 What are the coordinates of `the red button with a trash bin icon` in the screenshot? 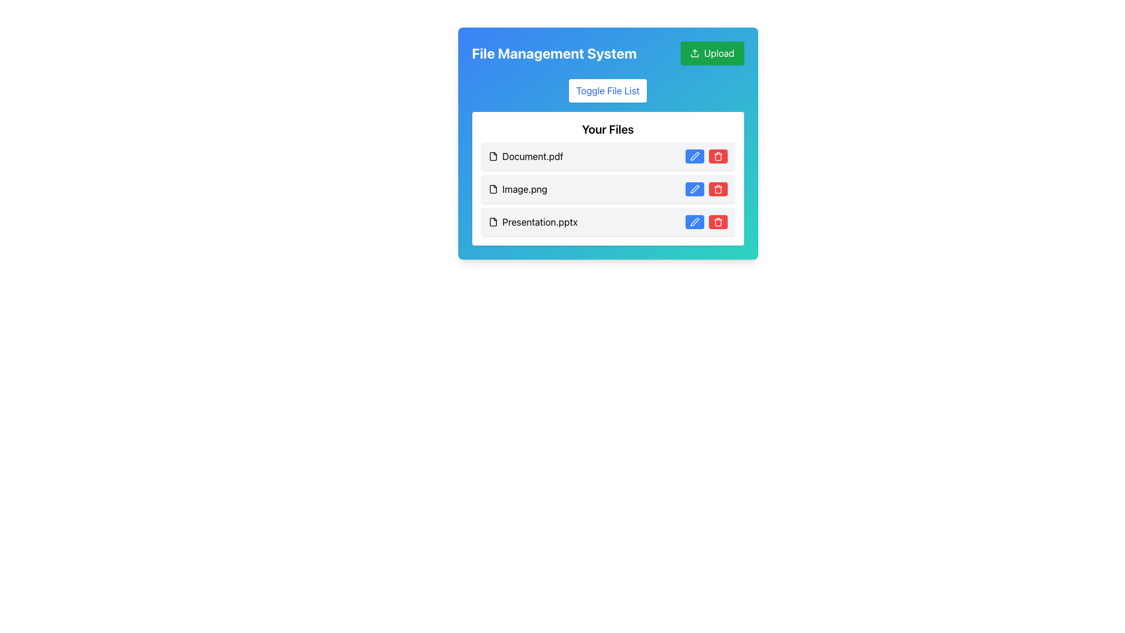 It's located at (717, 155).